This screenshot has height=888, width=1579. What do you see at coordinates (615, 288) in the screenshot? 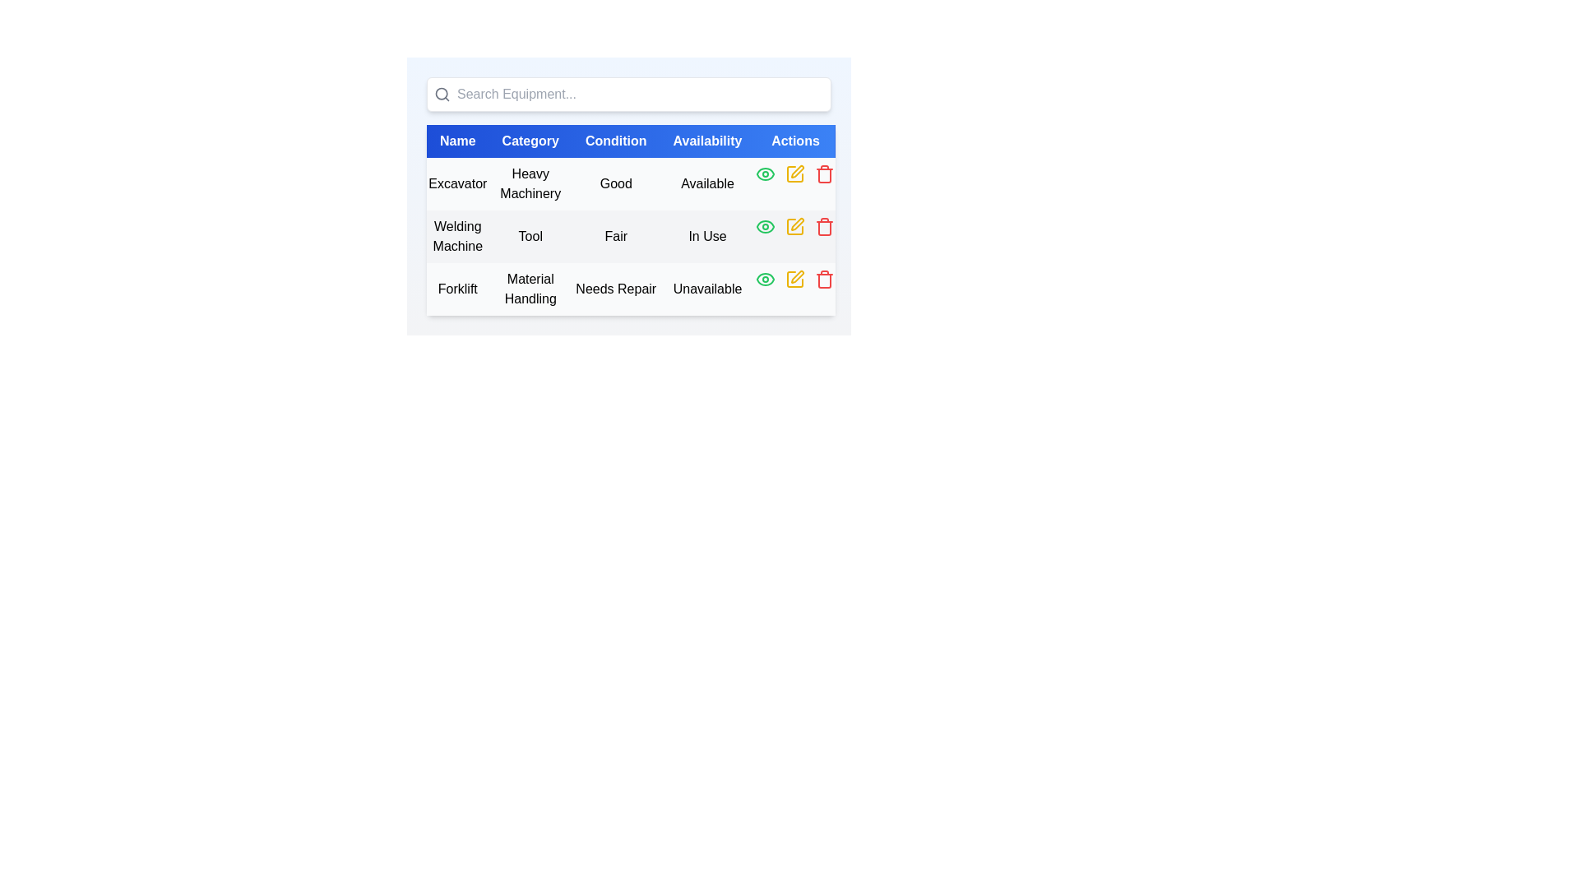
I see `the static text element that indicates the condition status of the equipment, specifically showing that the forklift requires repair, located in the third column of the third row under the 'Condition' column` at bounding box center [615, 288].